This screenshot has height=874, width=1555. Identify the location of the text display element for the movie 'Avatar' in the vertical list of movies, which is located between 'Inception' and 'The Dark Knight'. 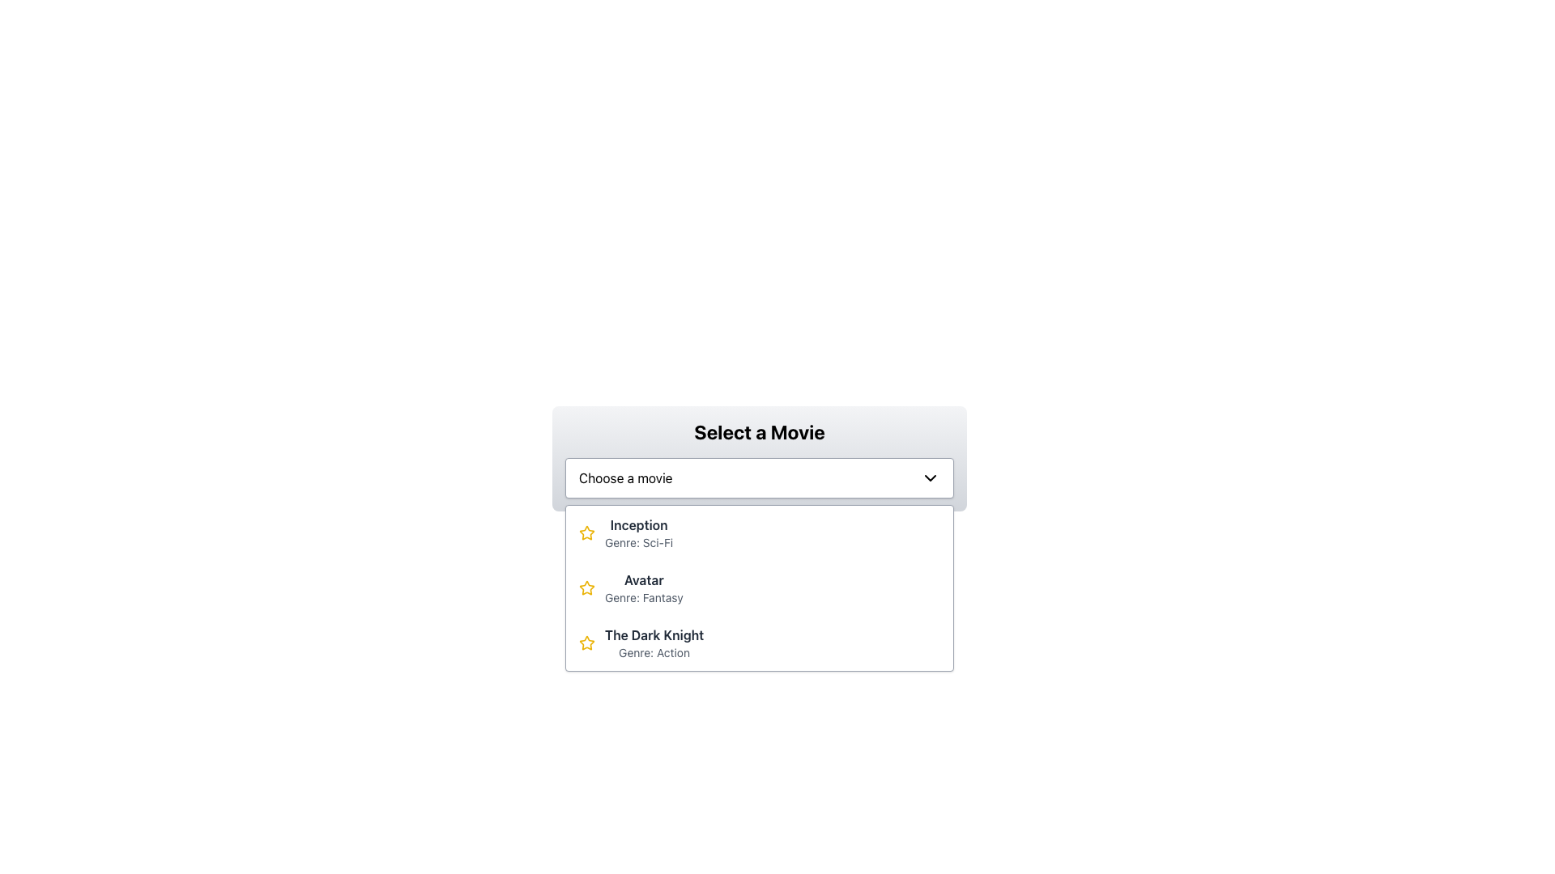
(643, 588).